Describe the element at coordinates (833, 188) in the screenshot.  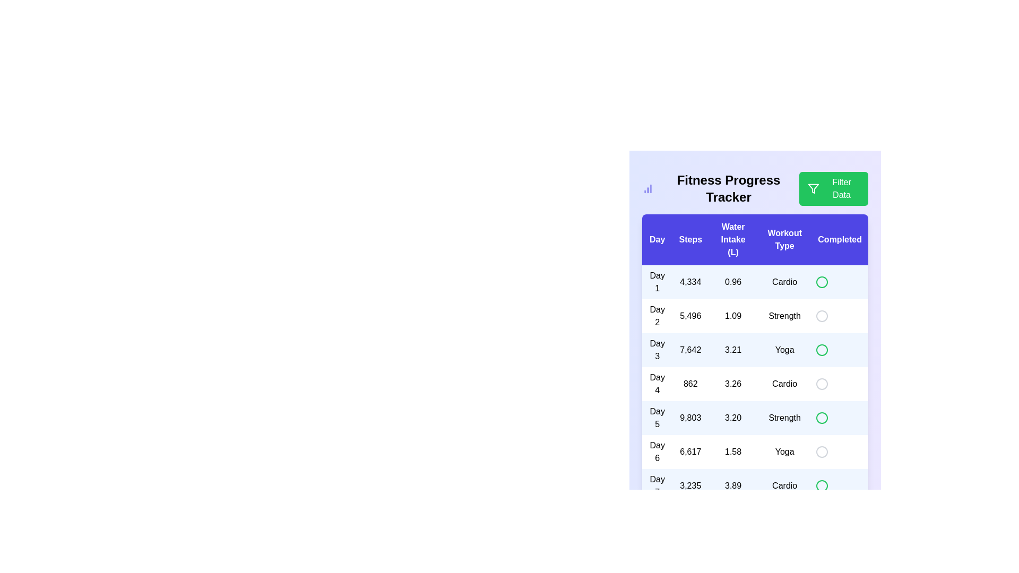
I see `'Filter Data' button to open the filtering options` at that location.